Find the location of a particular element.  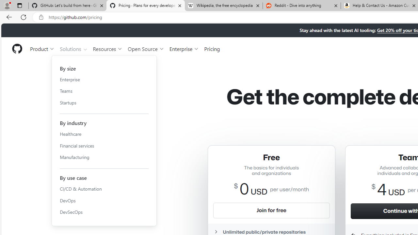

'Solutions' is located at coordinates (73, 48).